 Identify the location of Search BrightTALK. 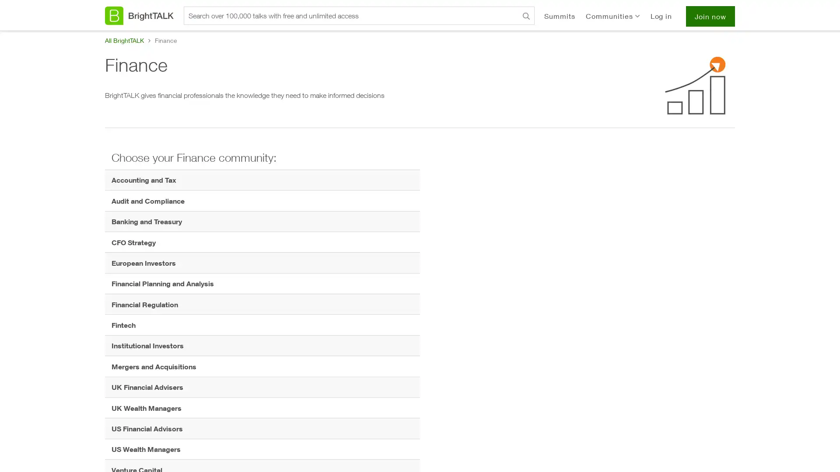
(526, 17).